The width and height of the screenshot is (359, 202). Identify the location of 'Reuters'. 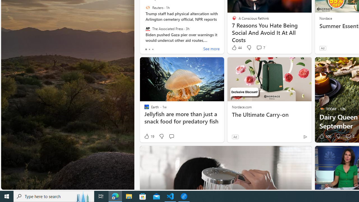
(148, 8).